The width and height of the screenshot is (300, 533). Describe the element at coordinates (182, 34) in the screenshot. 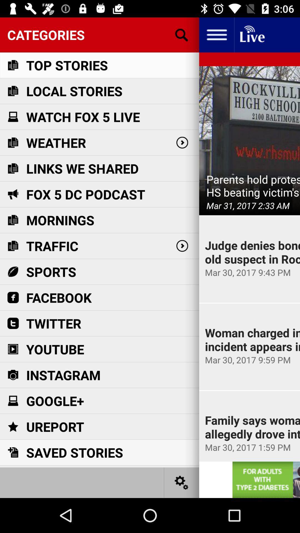

I see `the search icon` at that location.